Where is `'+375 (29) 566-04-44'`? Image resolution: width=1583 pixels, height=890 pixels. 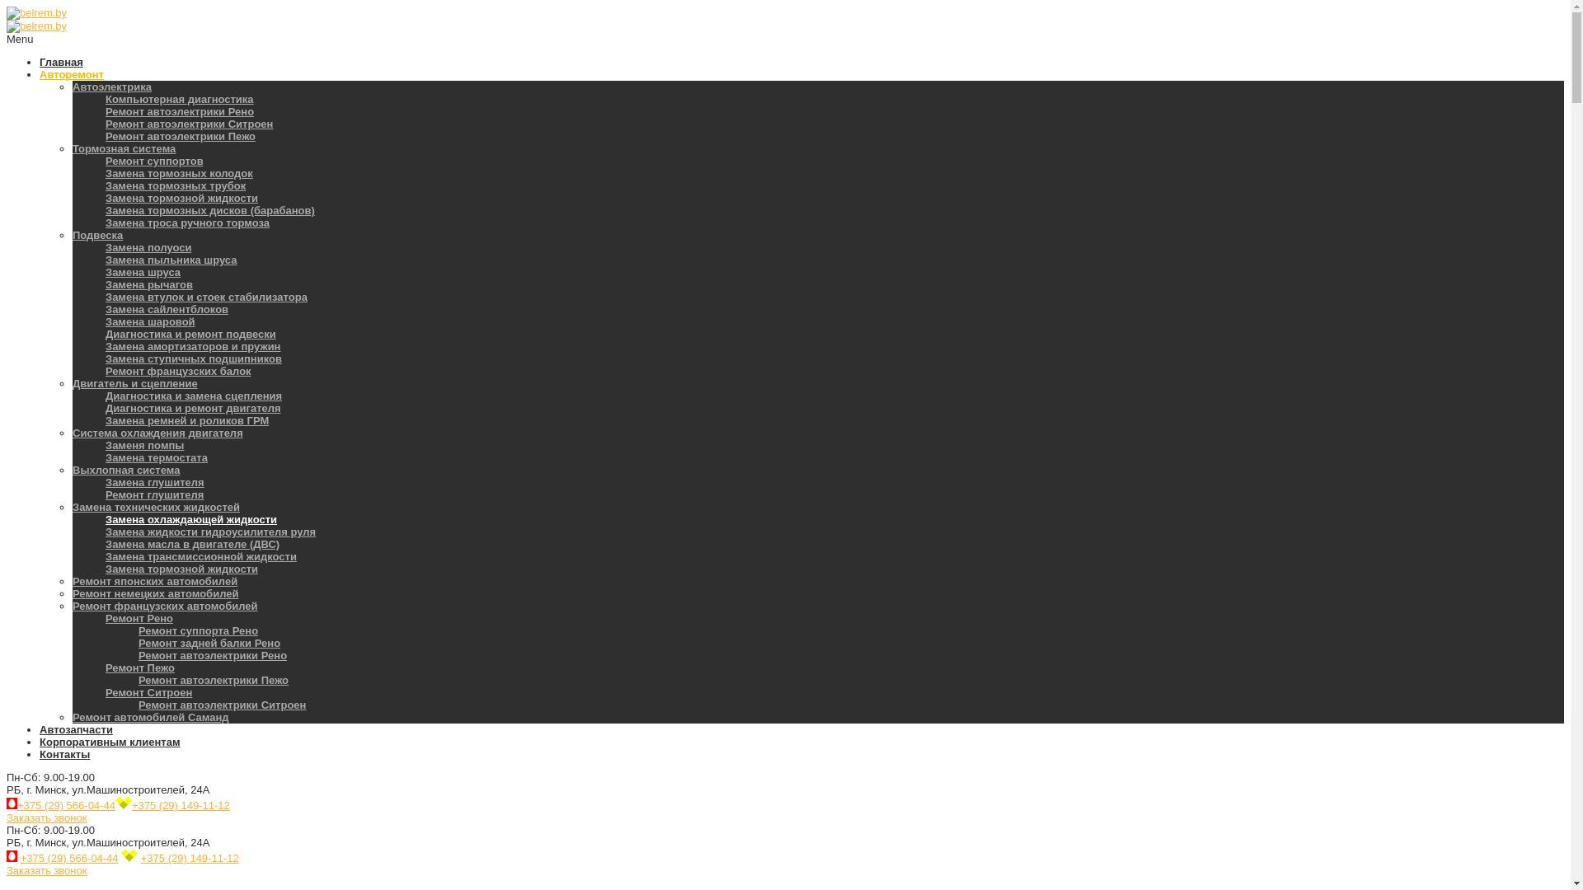
'+375 (29) 566-04-44' is located at coordinates (68, 857).